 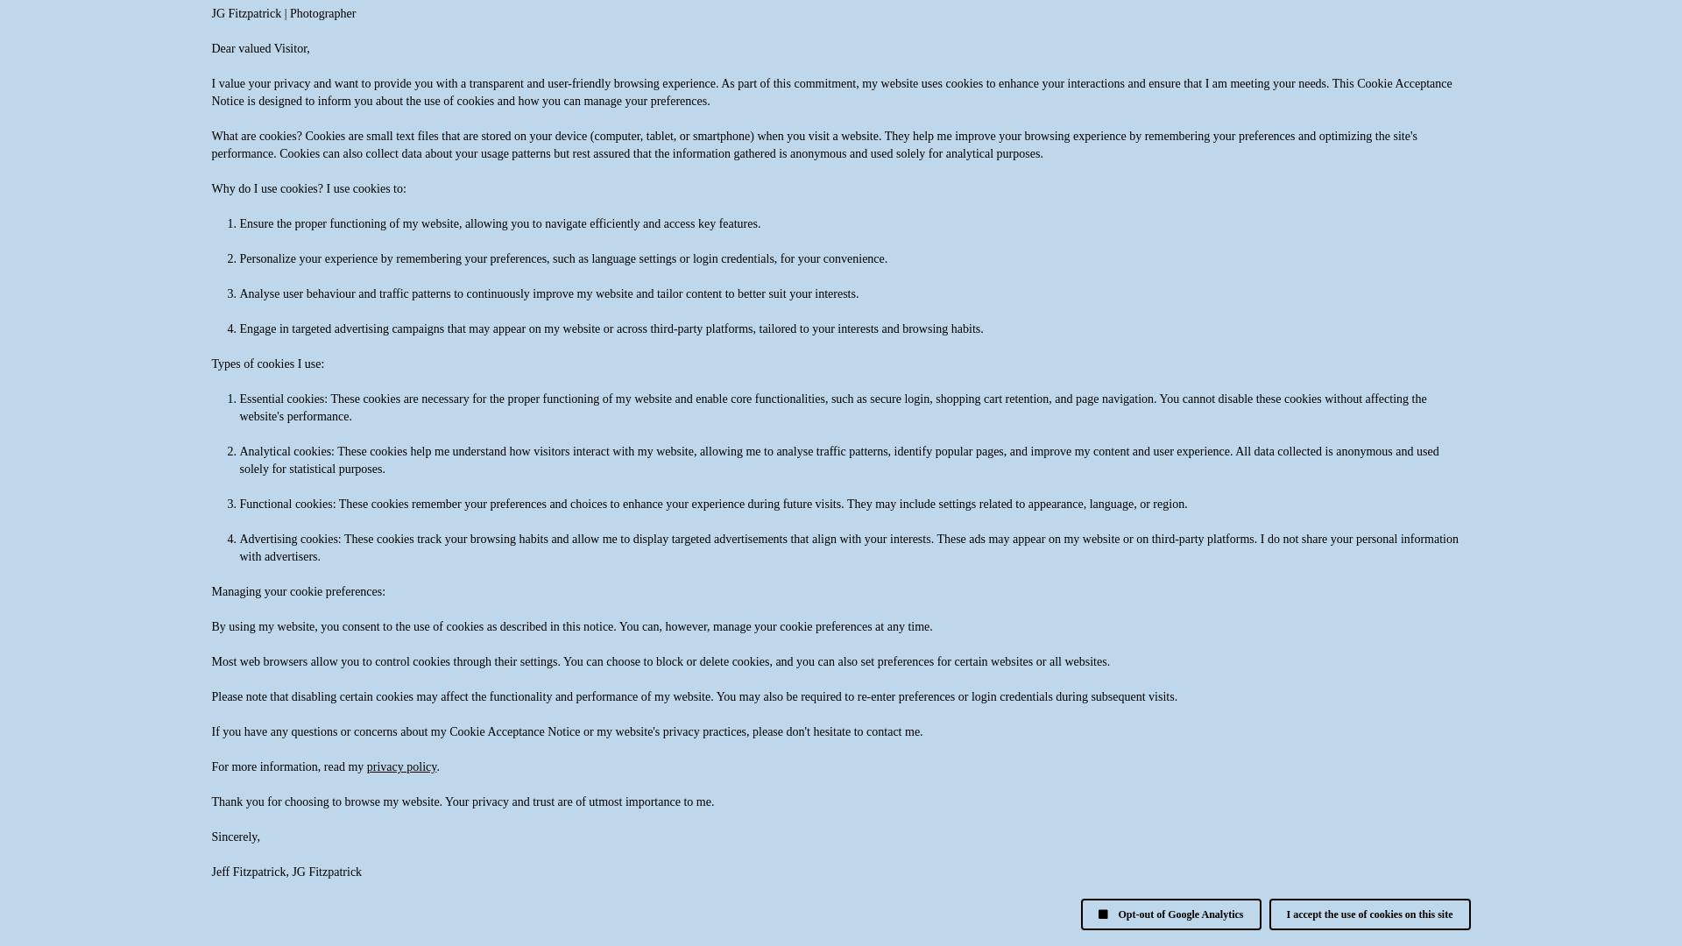 I want to click on 'I accept the use of cookies on this site', so click(x=1269, y=914).